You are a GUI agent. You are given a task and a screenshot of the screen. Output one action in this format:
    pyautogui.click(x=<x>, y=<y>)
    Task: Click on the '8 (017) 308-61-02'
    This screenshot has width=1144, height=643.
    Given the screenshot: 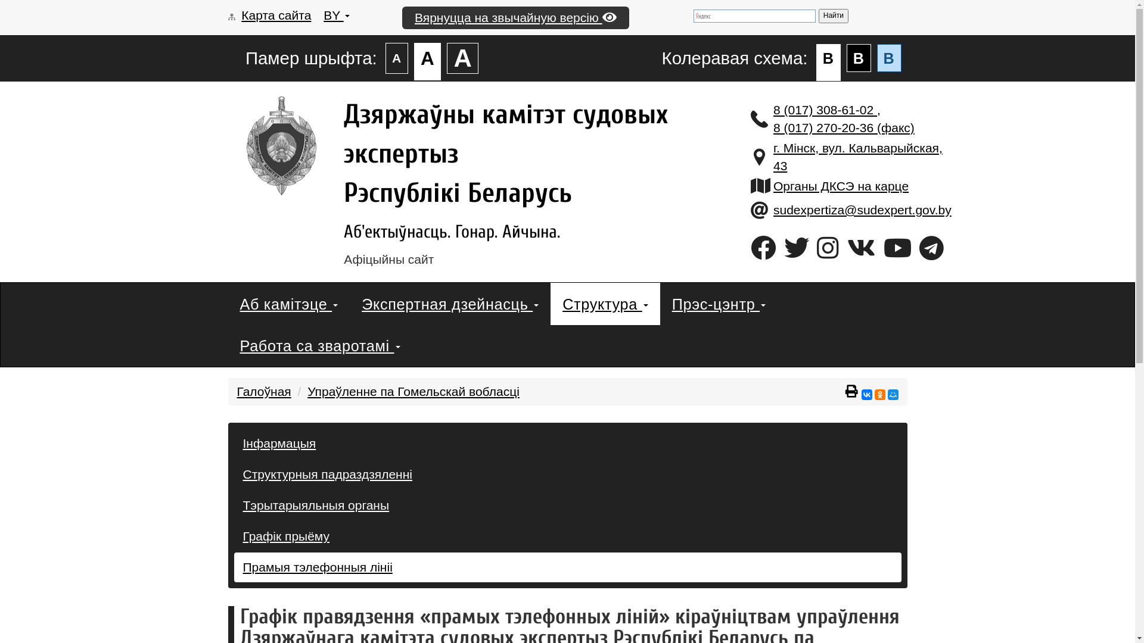 What is the action you would take?
    pyautogui.click(x=825, y=110)
    